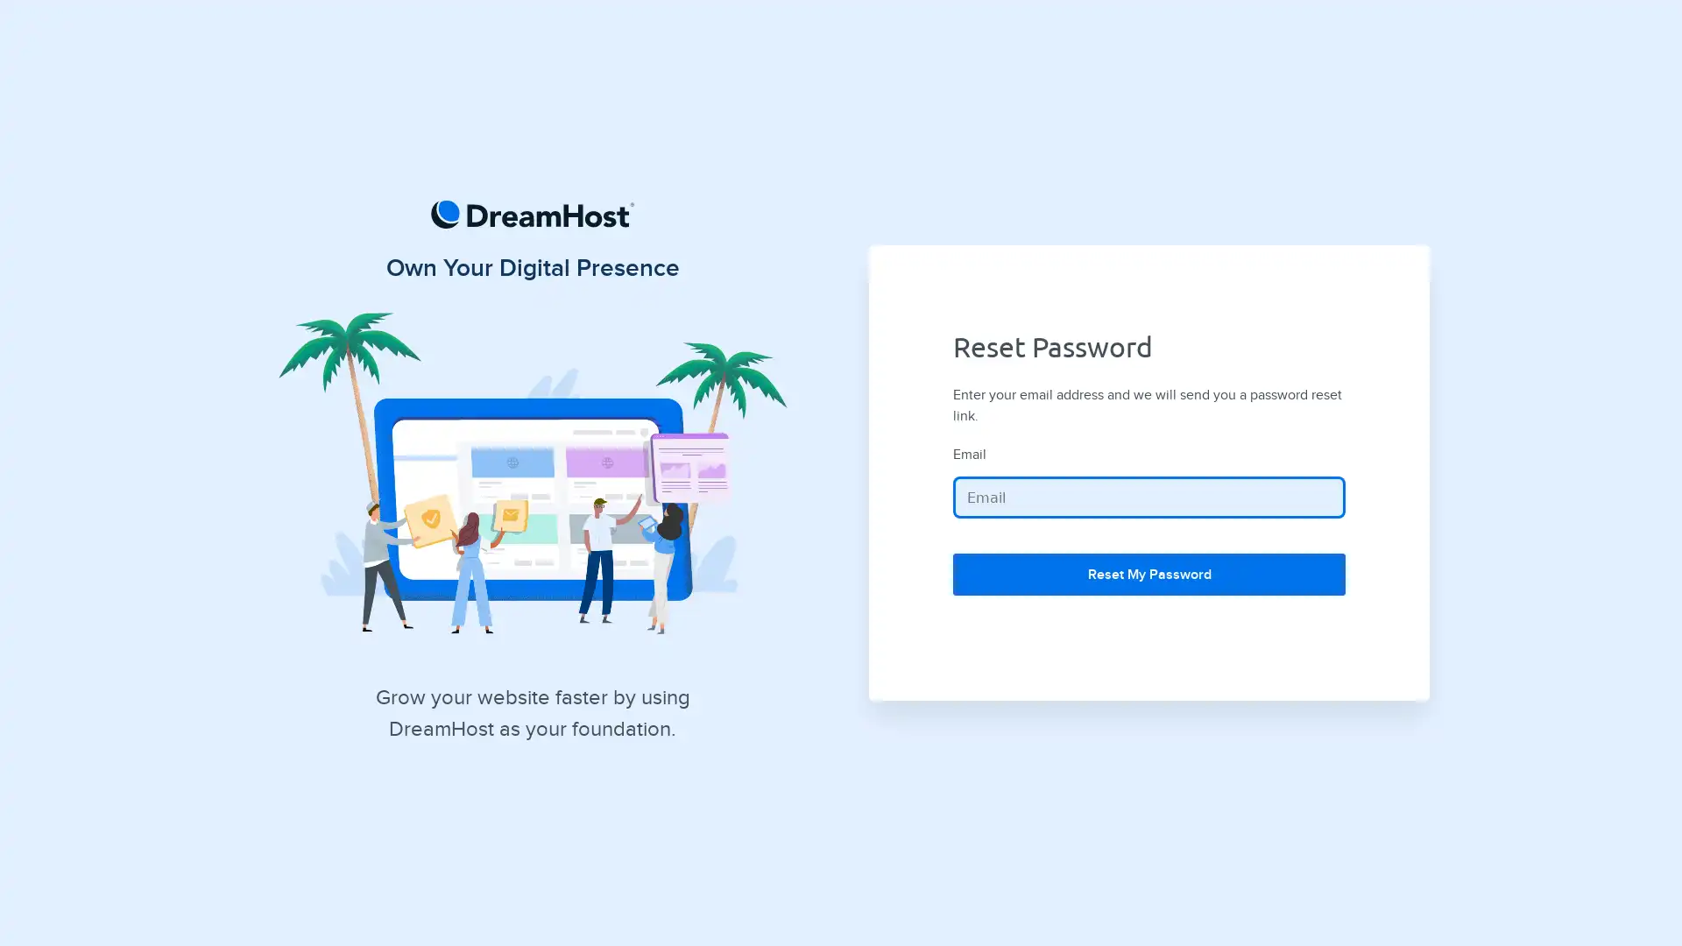  I want to click on Reset My Password, so click(1148, 574).